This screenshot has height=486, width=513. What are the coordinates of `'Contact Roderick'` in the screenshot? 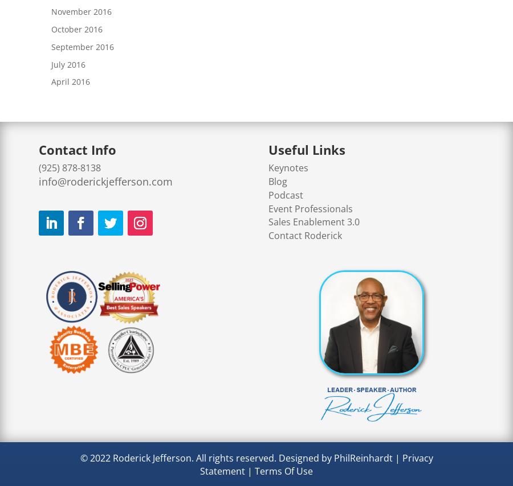 It's located at (304, 236).